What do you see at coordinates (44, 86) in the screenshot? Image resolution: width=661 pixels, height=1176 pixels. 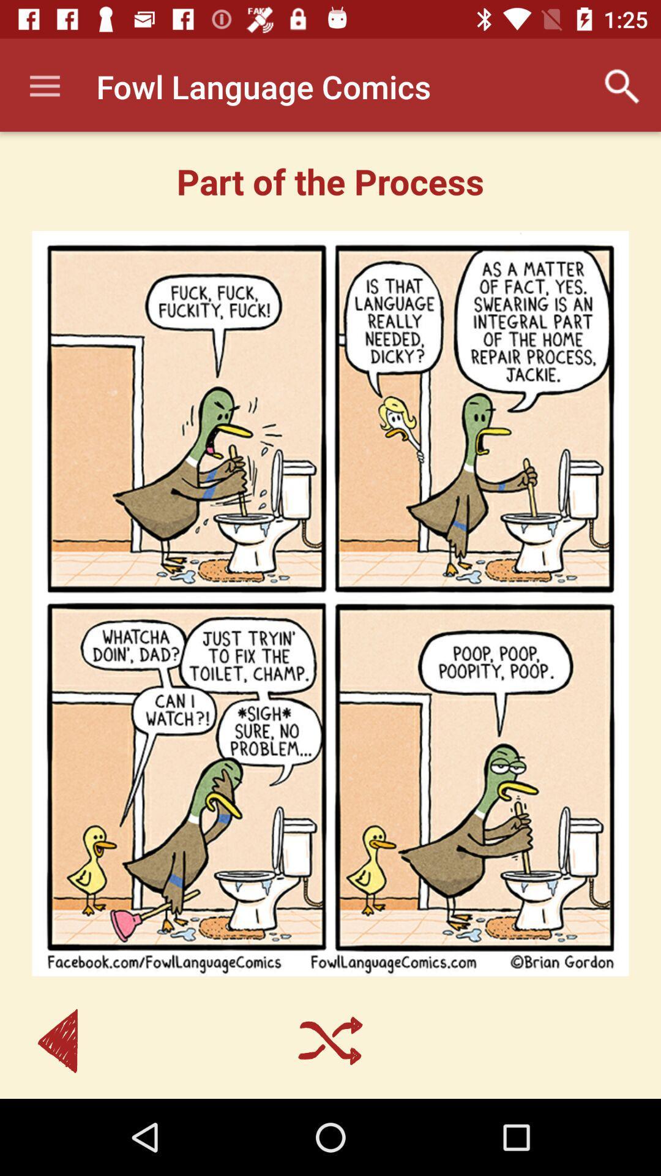 I see `icon at the top left corner` at bounding box center [44, 86].